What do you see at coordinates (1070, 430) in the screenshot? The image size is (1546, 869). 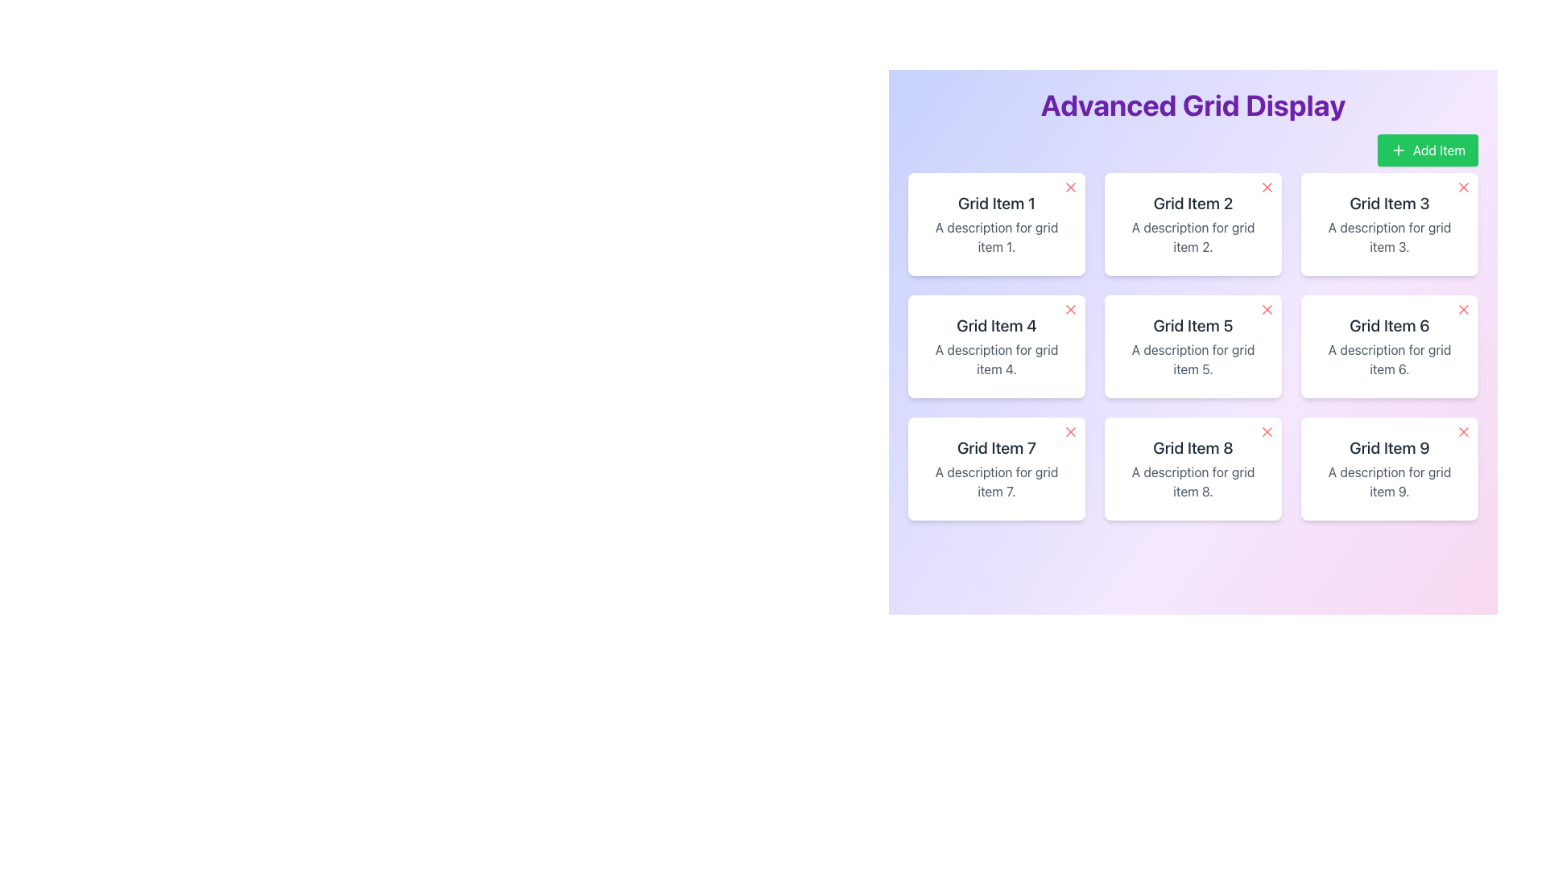 I see `the delete button located at the top-right corner of 'Grid Item 7'` at bounding box center [1070, 430].